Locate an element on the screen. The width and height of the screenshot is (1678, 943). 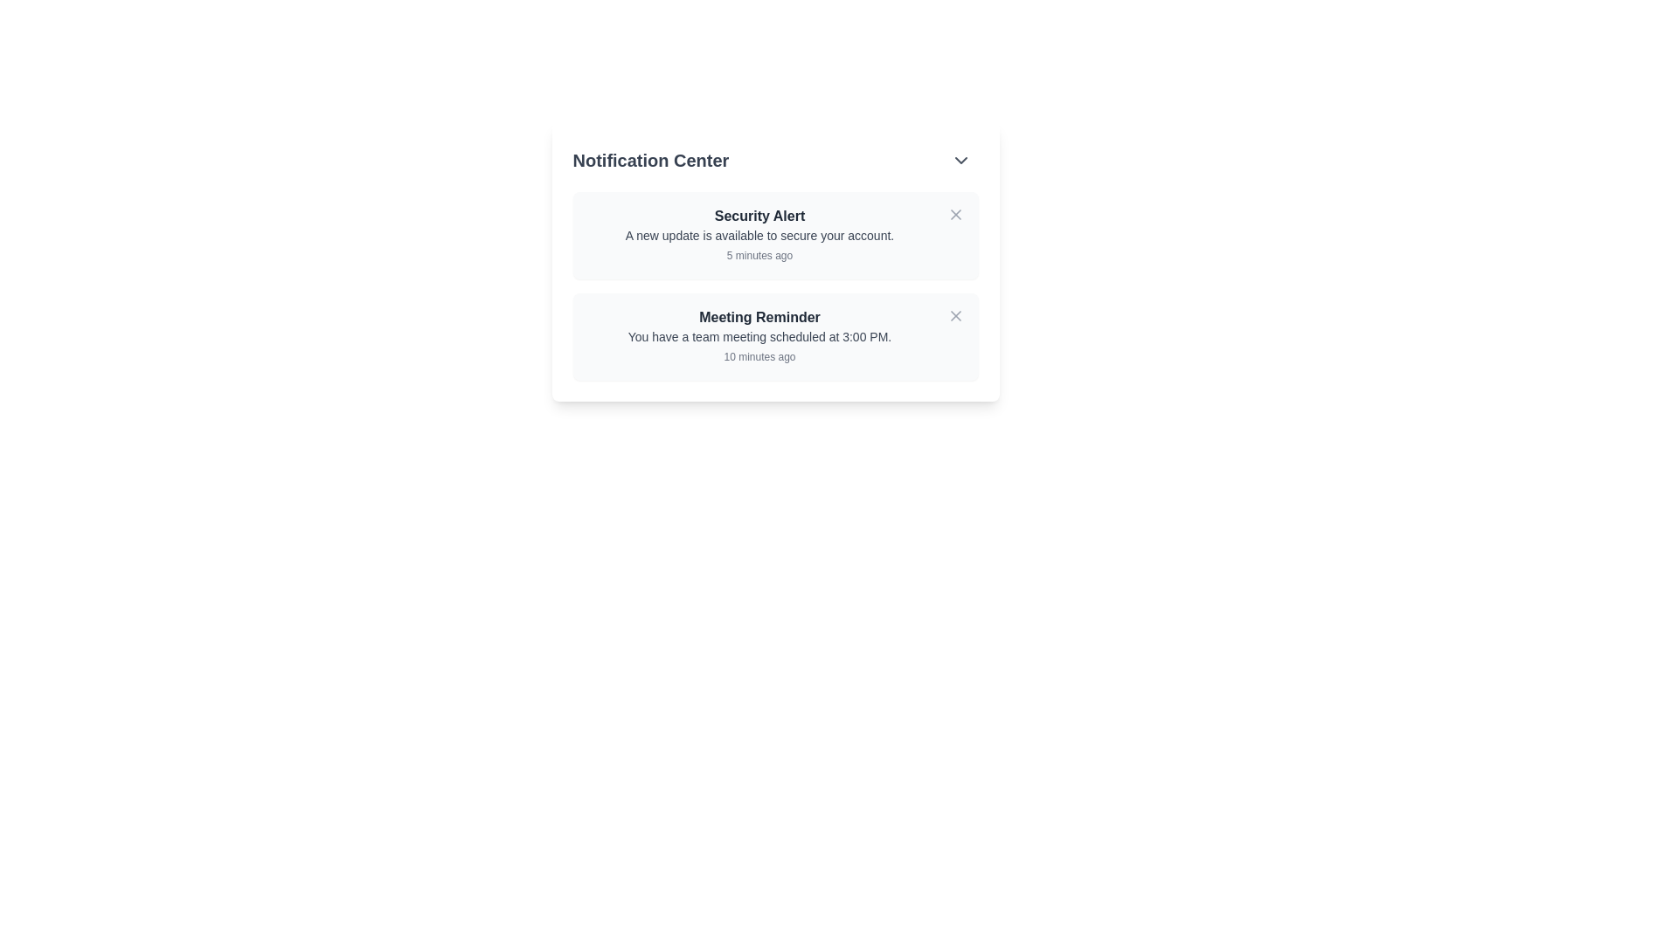
the button with an icon located in the top-right corner of the 'Notification Center' section to observe the hover effect is located at coordinates (960, 161).